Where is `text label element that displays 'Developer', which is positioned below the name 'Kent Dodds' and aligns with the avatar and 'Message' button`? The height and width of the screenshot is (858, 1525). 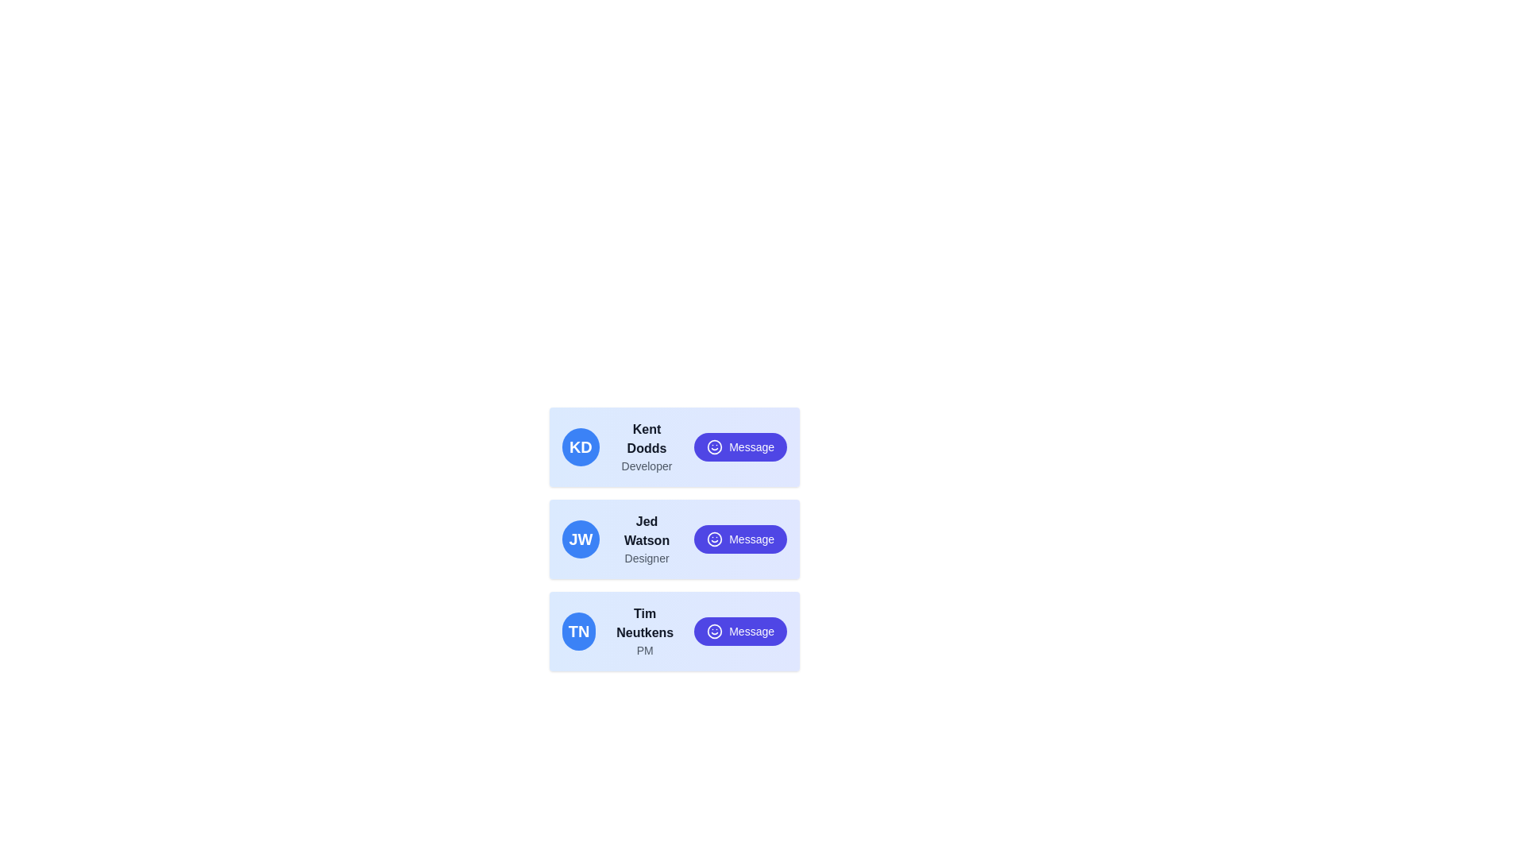 text label element that displays 'Developer', which is positioned below the name 'Kent Dodds' and aligns with the avatar and 'Message' button is located at coordinates (647, 465).